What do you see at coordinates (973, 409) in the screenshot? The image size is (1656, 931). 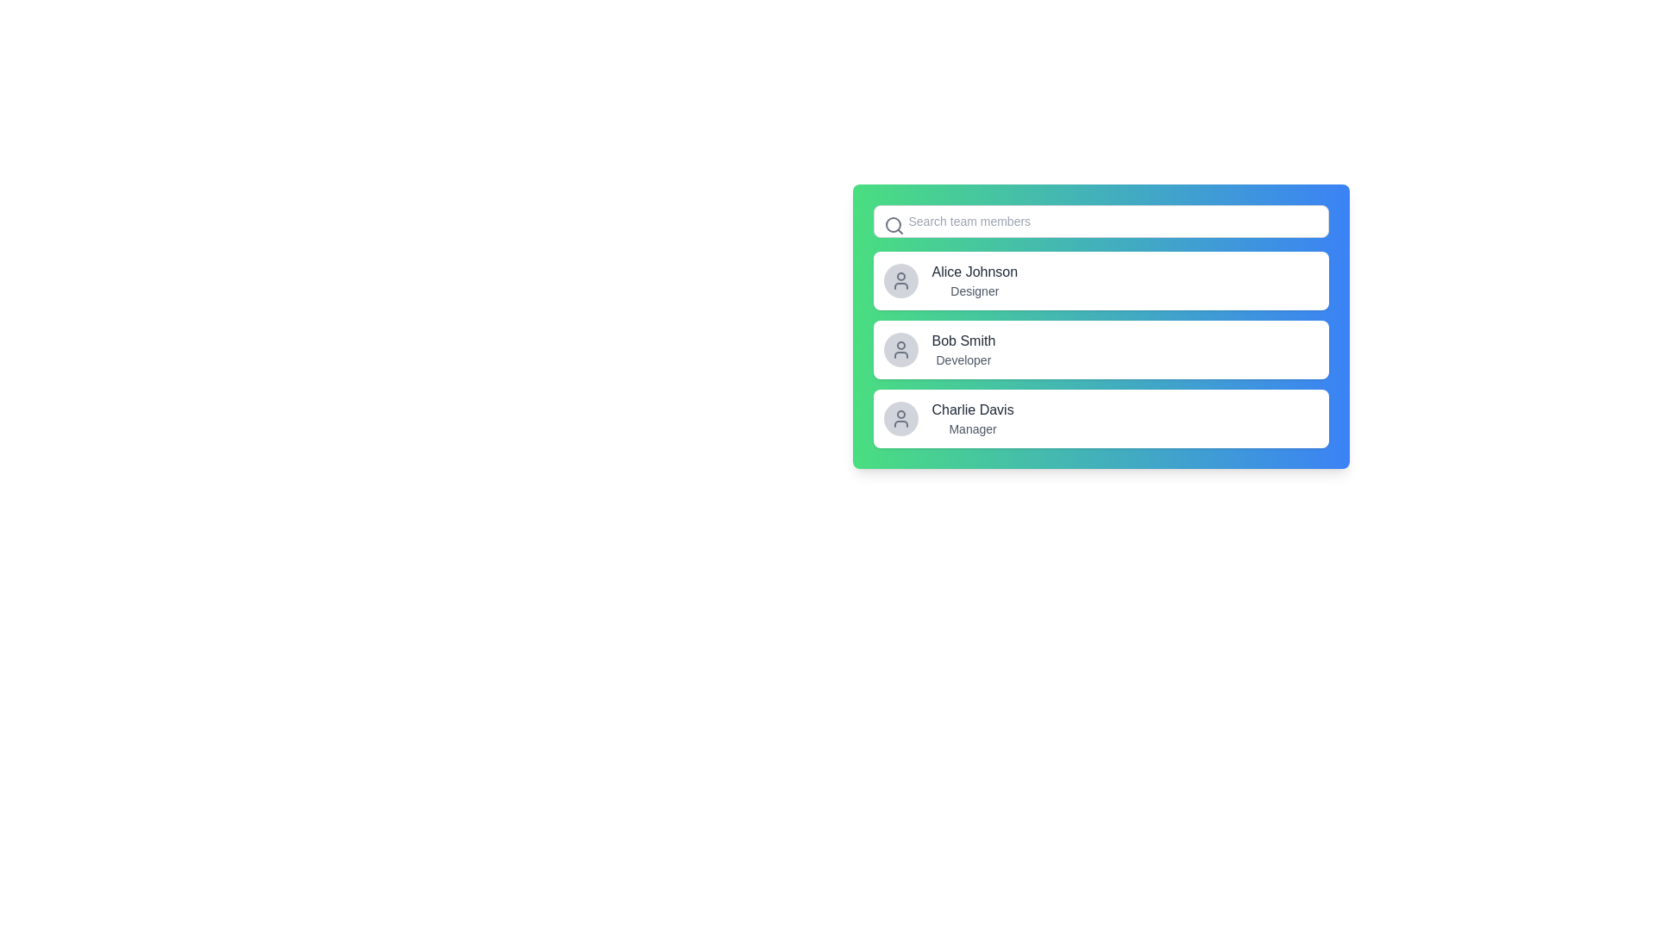 I see `the static text label 'Charlie Davis' which is styled in medium gray font and is positioned in a contact list above the label 'Manager'` at bounding box center [973, 409].